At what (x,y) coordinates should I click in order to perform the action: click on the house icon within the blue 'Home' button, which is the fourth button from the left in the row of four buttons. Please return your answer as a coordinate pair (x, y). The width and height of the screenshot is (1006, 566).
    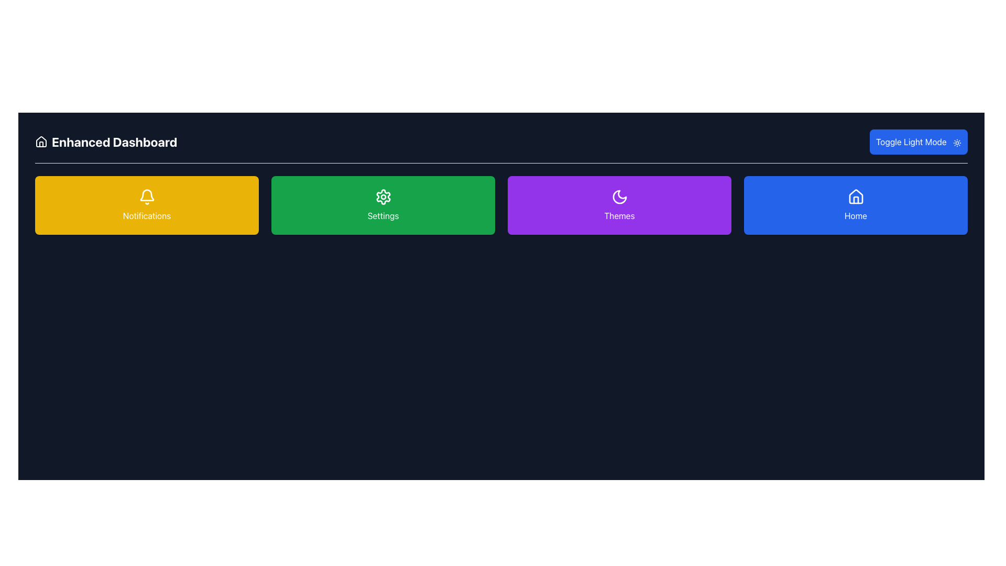
    Looking at the image, I should click on (856, 200).